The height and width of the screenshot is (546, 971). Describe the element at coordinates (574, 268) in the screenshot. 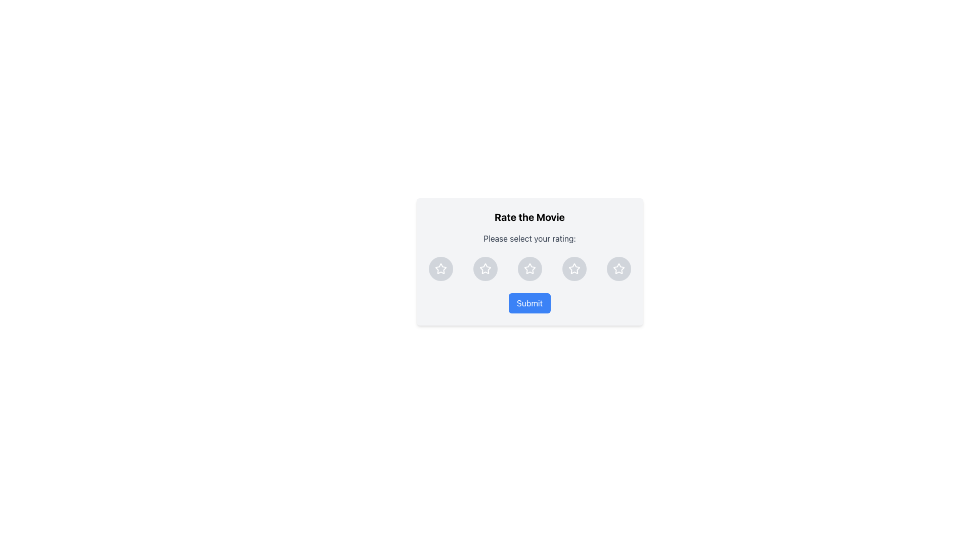

I see `the fourth circular rating button in the horizontal set` at that location.